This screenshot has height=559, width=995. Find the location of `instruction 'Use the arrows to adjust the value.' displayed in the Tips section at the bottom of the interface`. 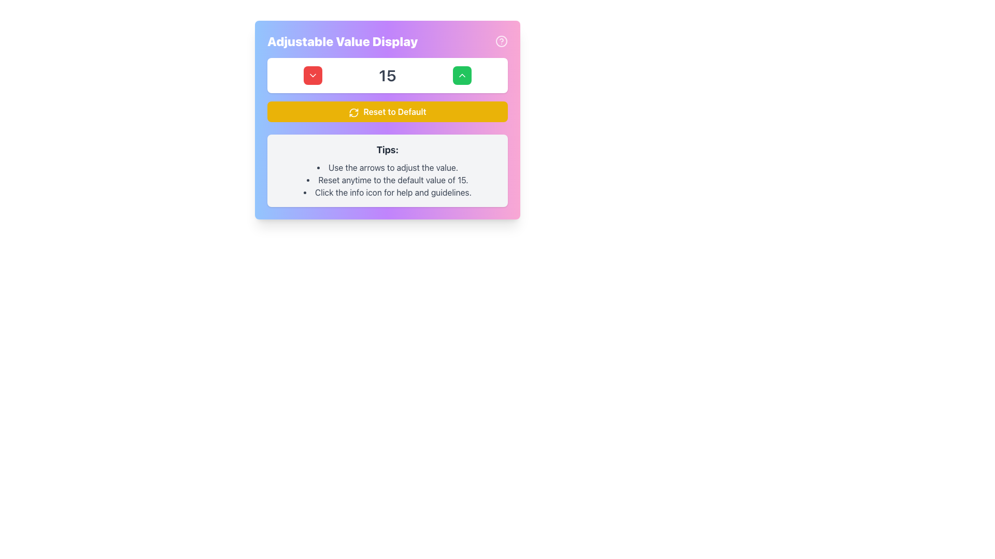

instruction 'Use the arrows to adjust the value.' displayed in the Tips section at the bottom of the interface is located at coordinates (387, 167).